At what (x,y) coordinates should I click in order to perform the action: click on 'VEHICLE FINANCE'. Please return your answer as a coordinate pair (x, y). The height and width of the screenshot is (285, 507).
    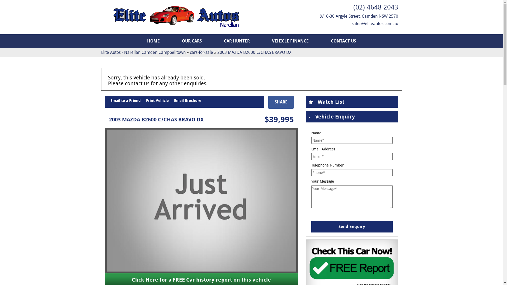
    Looking at the image, I should click on (290, 41).